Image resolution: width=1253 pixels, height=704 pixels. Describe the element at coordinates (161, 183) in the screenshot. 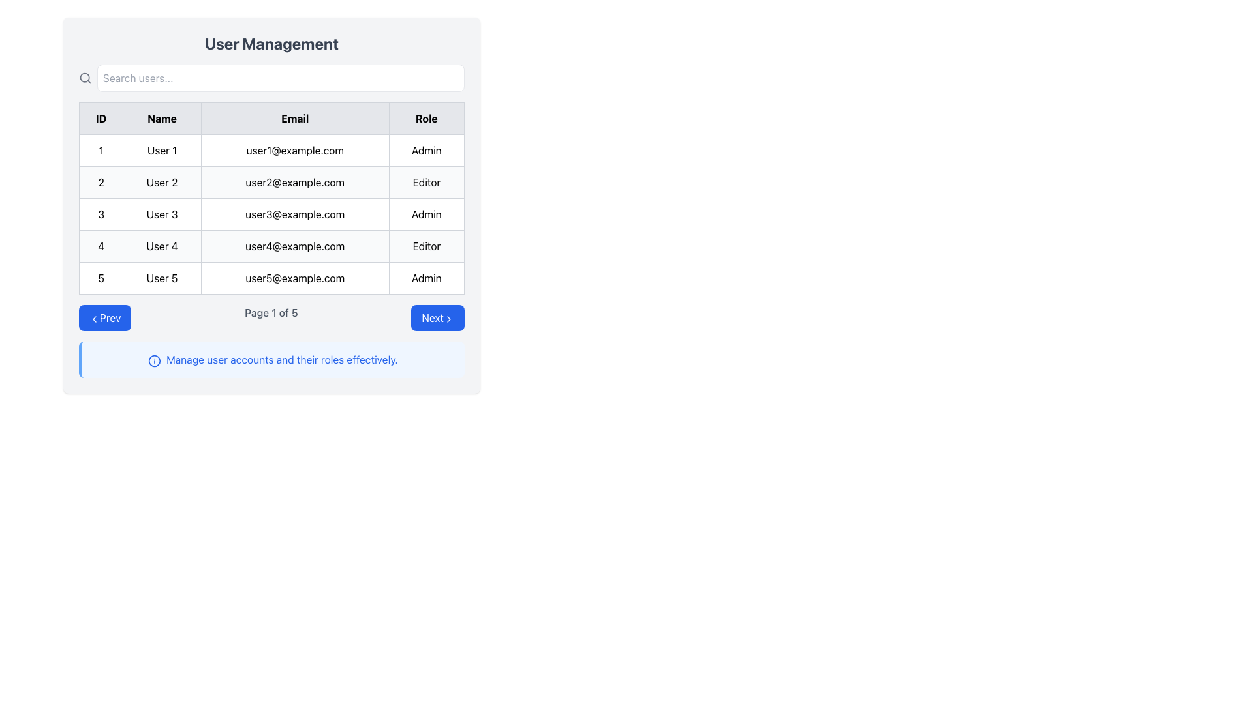

I see `the table cell displaying the name of the second user, located in the second column under the 'Name' header and corresponding to the second row` at that location.